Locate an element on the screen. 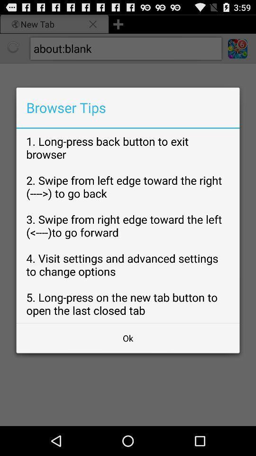 The width and height of the screenshot is (256, 456). the ok button is located at coordinates (128, 338).